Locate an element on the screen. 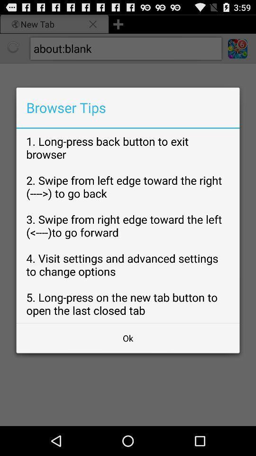 The width and height of the screenshot is (256, 456). the ok button is located at coordinates (128, 338).